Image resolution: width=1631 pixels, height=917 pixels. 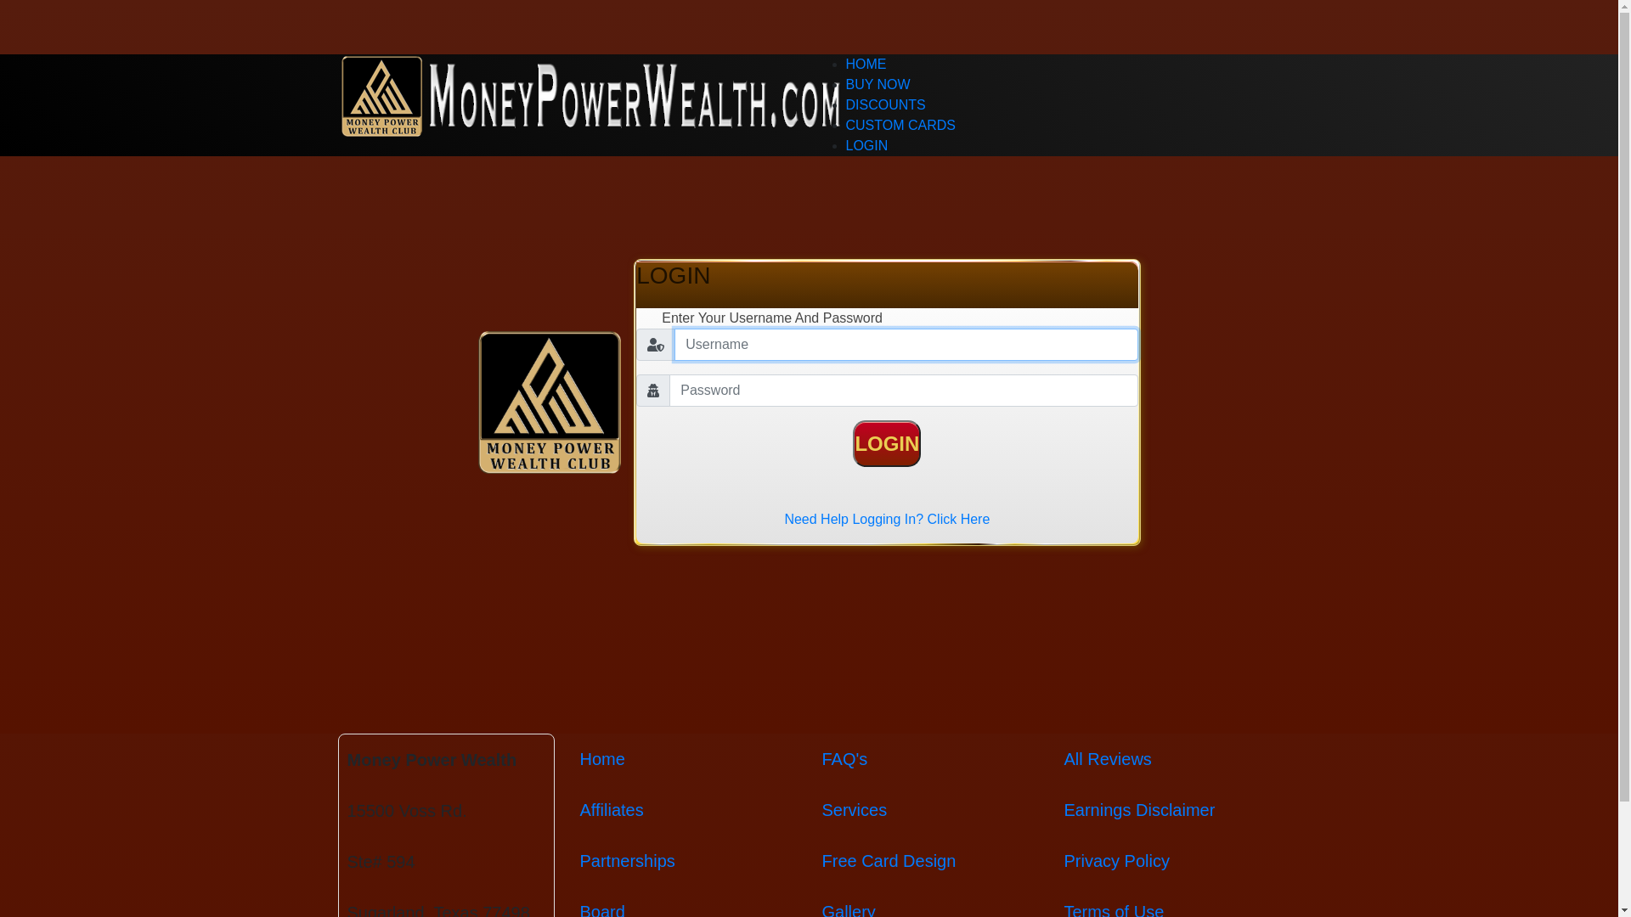 What do you see at coordinates (846, 63) in the screenshot?
I see `'HOME'` at bounding box center [846, 63].